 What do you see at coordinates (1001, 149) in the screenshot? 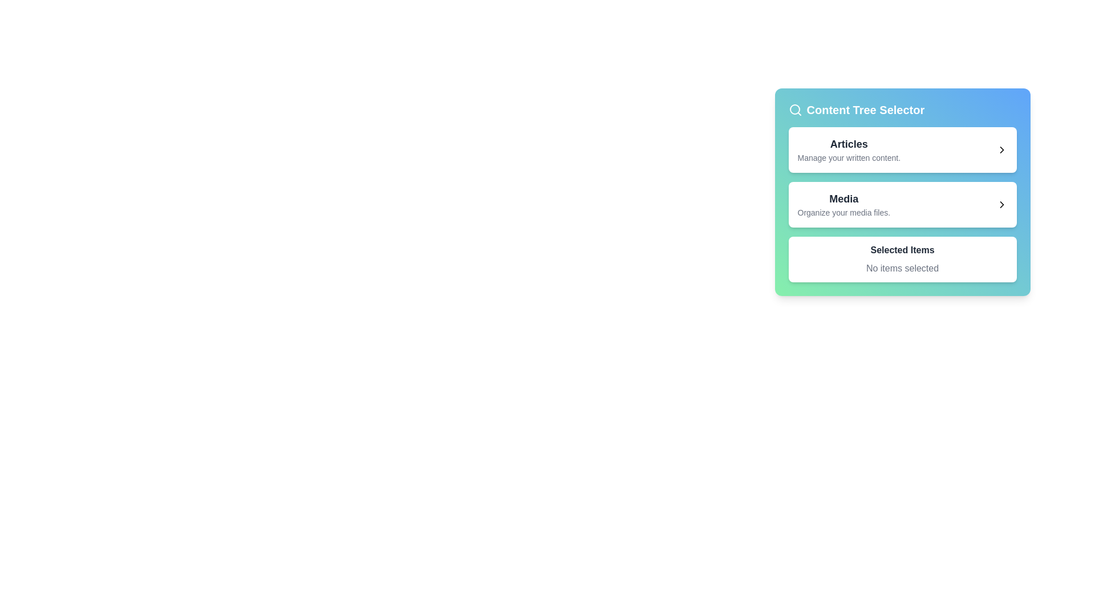
I see `the right-facing chevron icon in the 'Articles' section of the 'Content Tree Selector' widget` at bounding box center [1001, 149].